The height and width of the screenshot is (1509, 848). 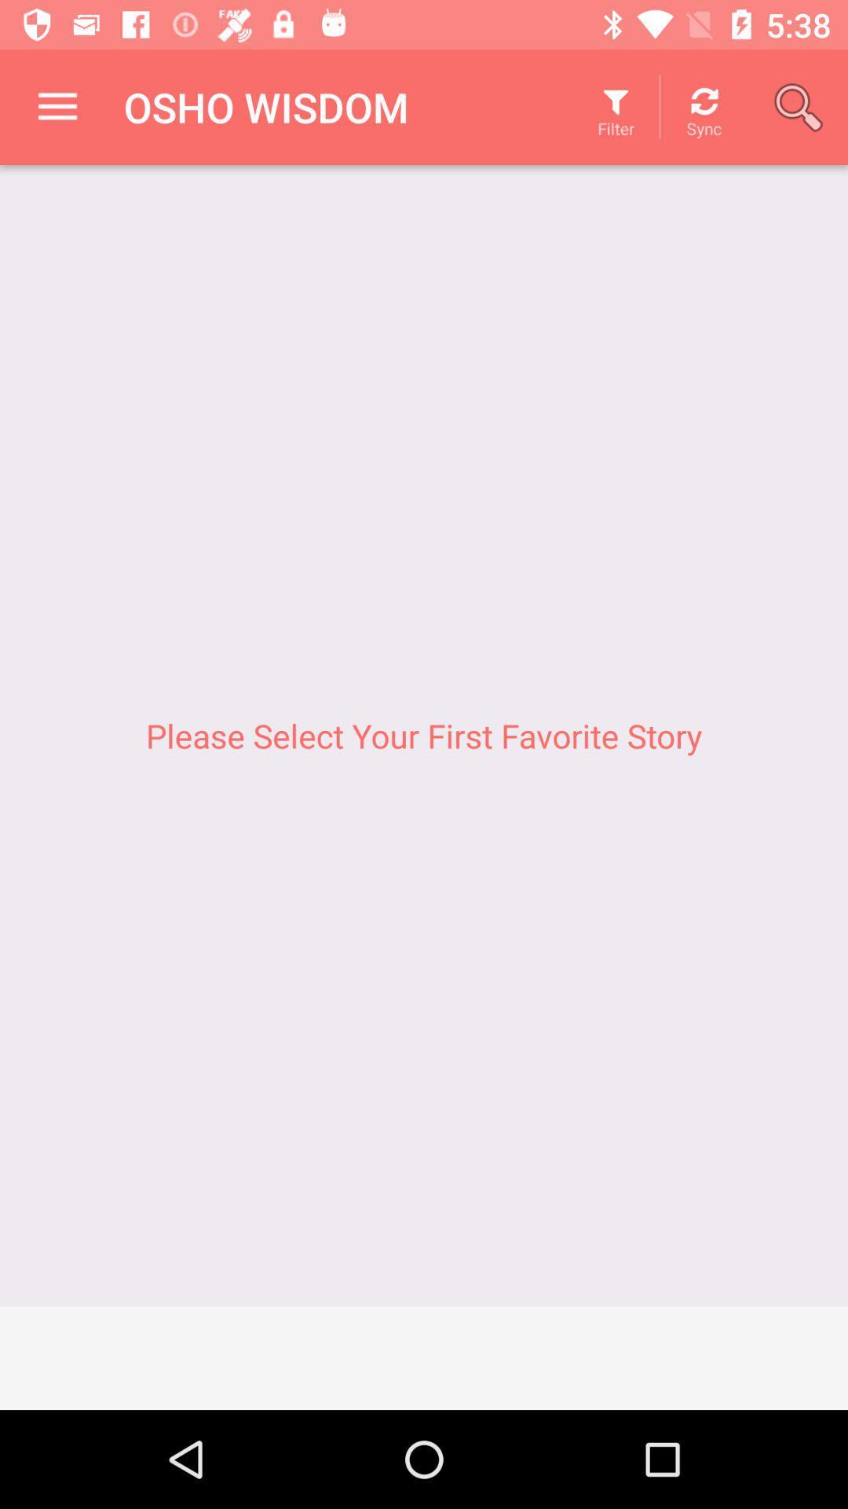 What do you see at coordinates (57, 106) in the screenshot?
I see `item next to osho wisdom icon` at bounding box center [57, 106].